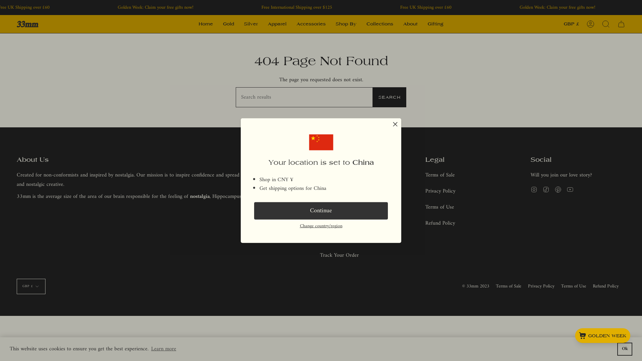 Image resolution: width=642 pixels, height=361 pixels. I want to click on 'Change country/region', so click(320, 226).